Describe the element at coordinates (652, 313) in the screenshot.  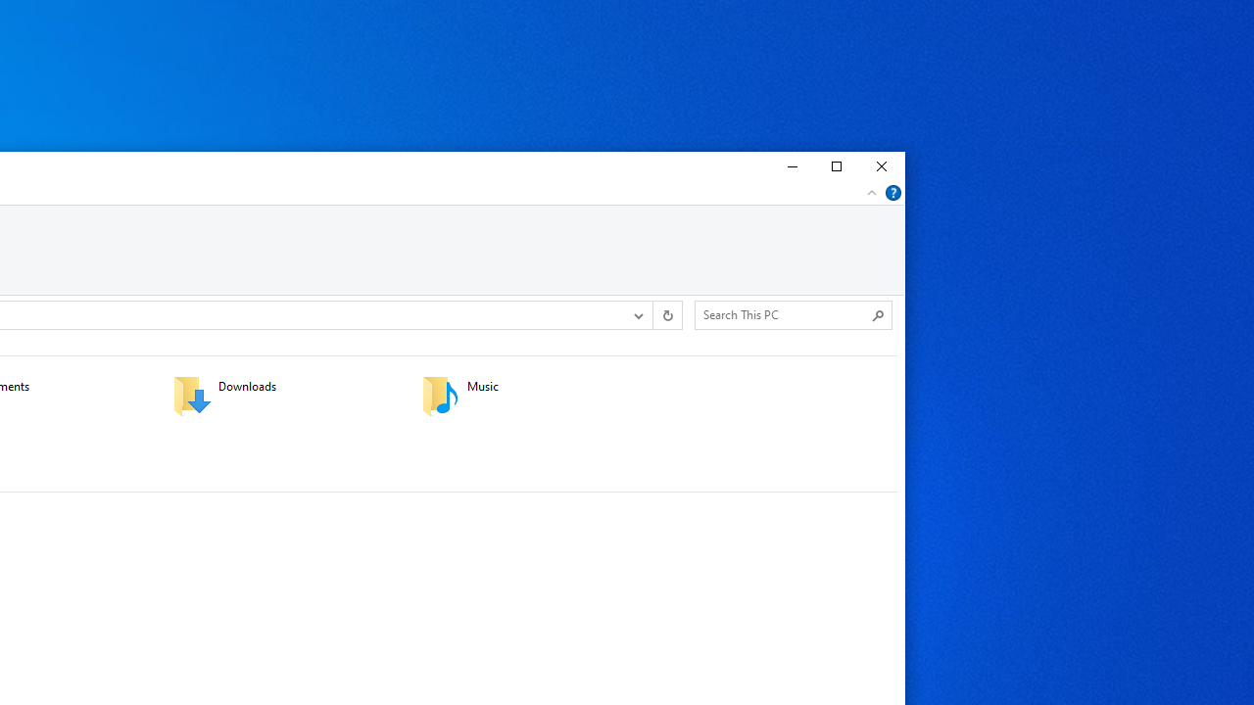
I see `'Address band toolbar'` at that location.